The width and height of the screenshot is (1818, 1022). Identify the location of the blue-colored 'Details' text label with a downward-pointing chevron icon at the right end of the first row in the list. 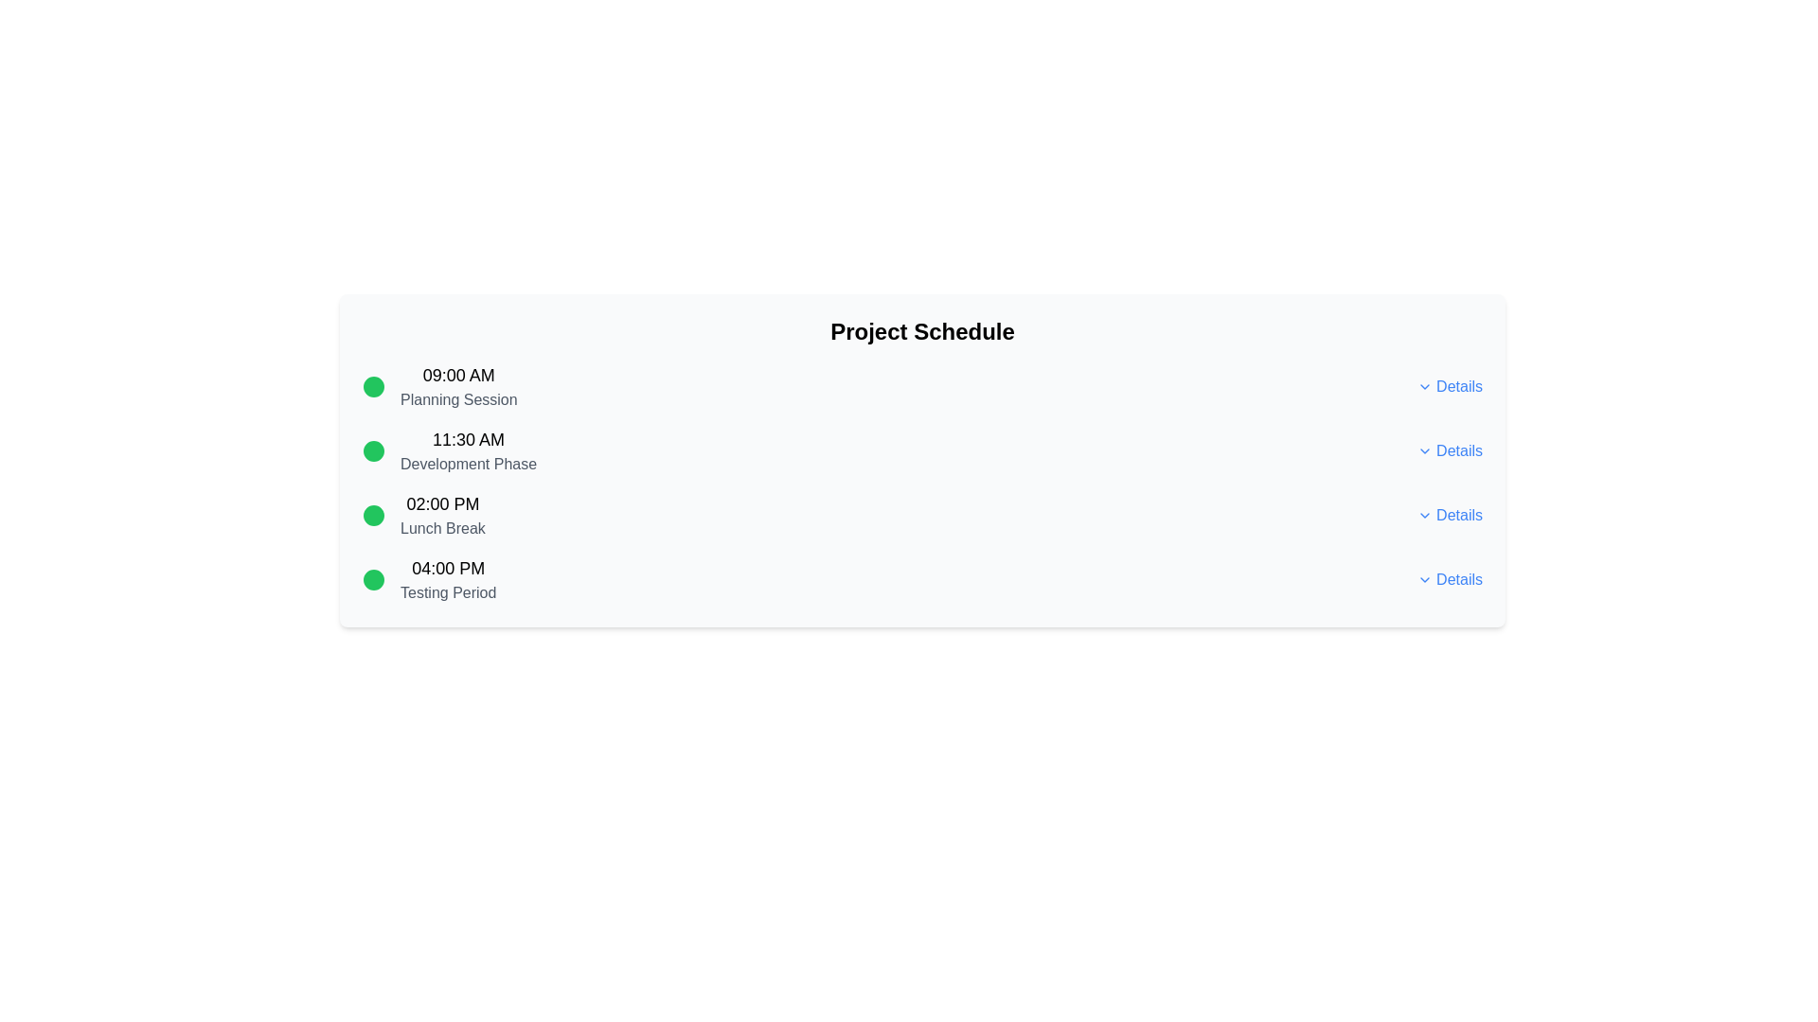
(1449, 385).